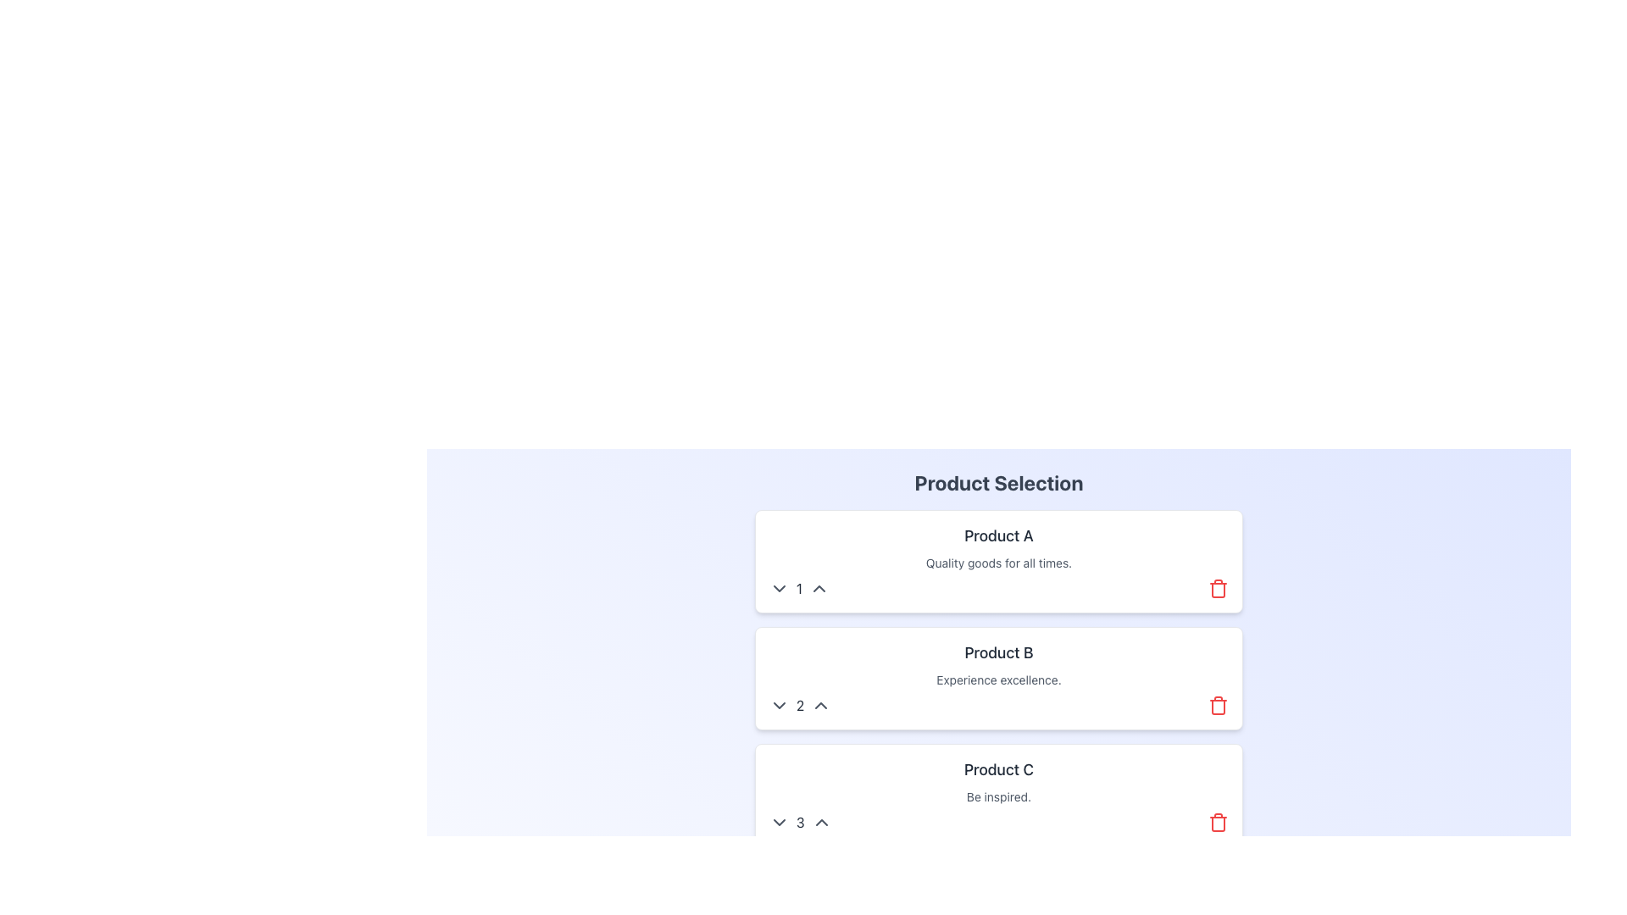 This screenshot has width=1627, height=915. I want to click on the button component in the bottom-right corner of the card representing 'Product C', so click(1218, 822).